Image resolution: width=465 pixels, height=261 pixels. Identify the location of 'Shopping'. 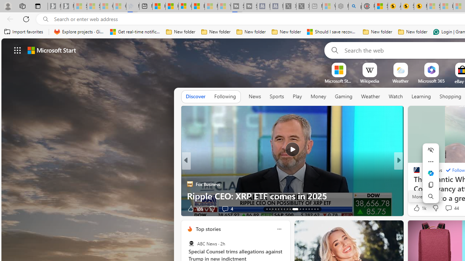
(450, 96).